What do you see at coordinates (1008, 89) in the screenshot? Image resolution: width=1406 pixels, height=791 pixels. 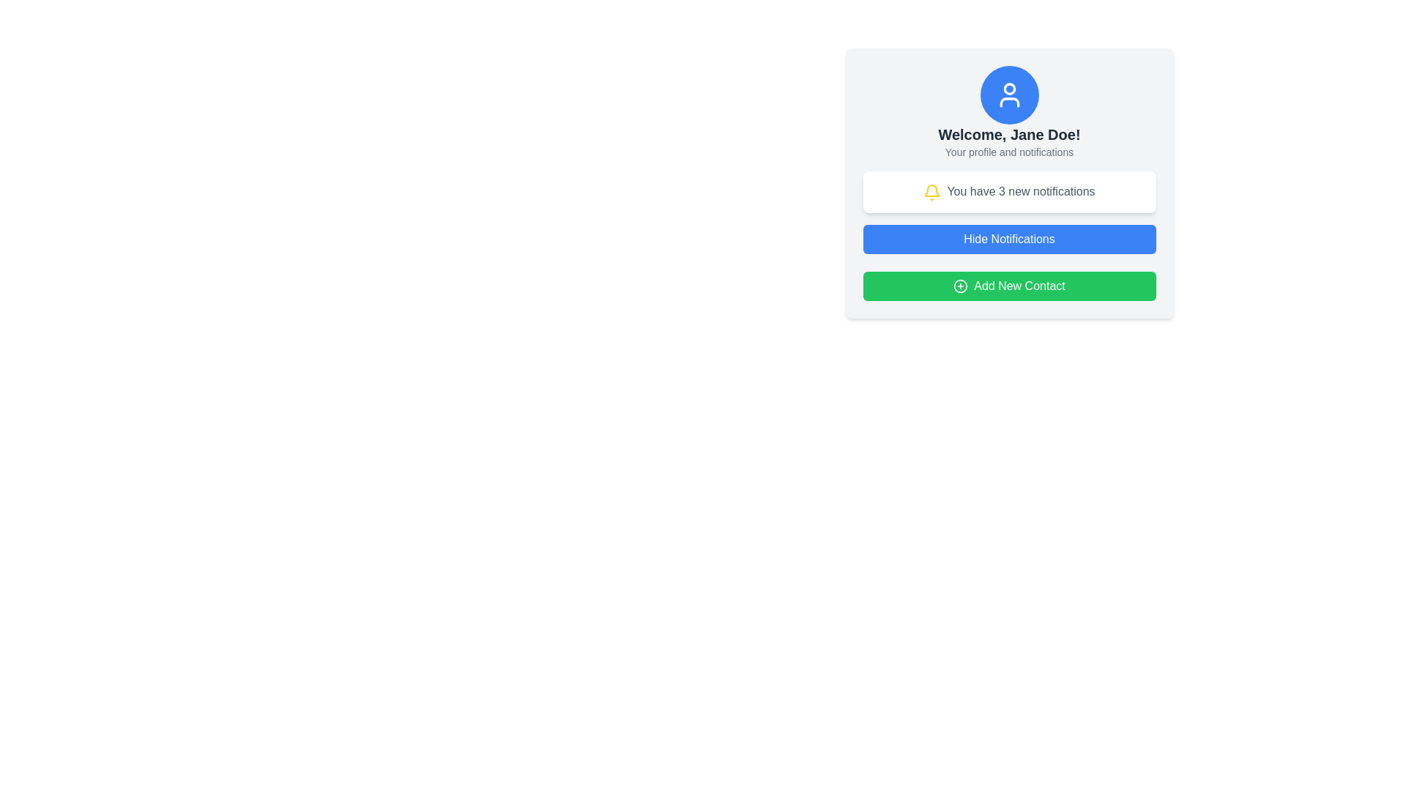 I see `the user icon located at the top center of the card component, which represents the current user's profile` at bounding box center [1008, 89].